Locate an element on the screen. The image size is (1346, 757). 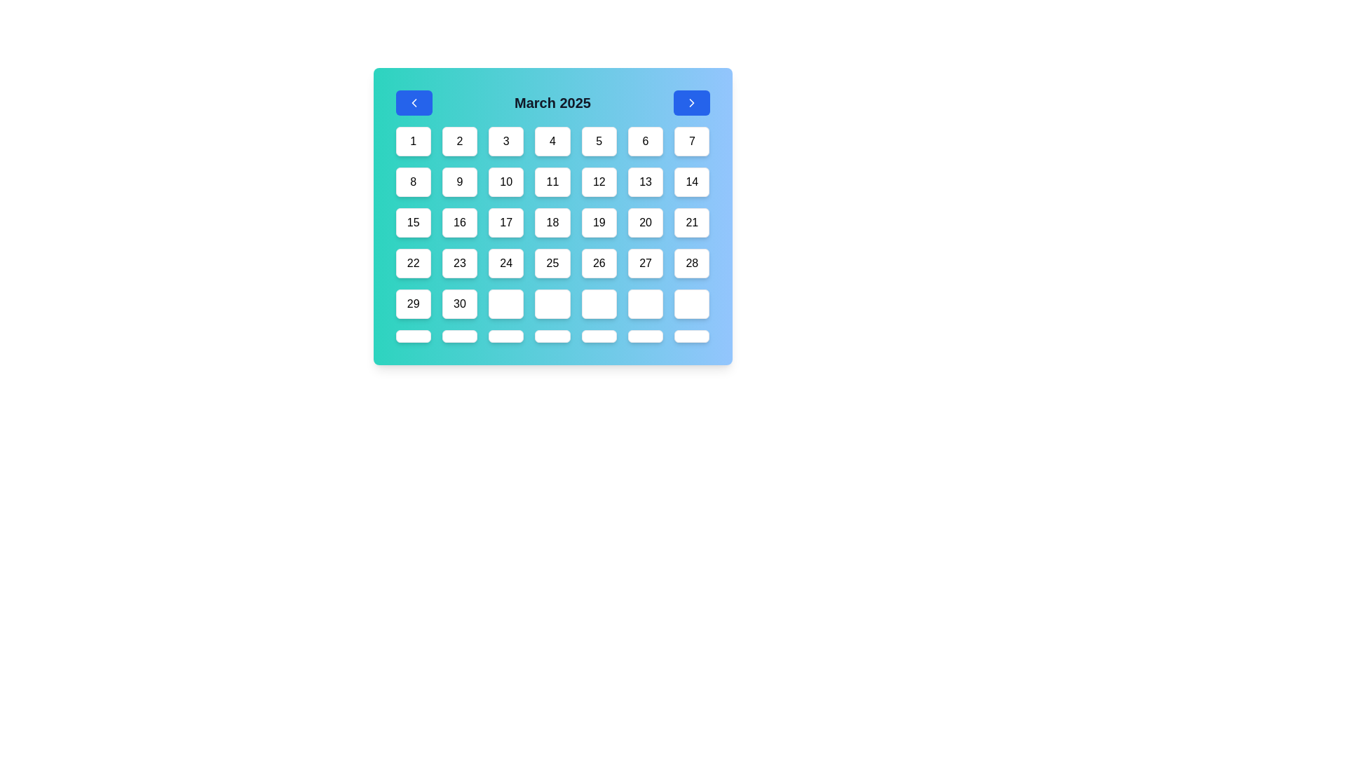
the inactive button located in the first column of the last row of the calendar grid, which serves as a decorative or functional placeholder is located at coordinates (412, 336).